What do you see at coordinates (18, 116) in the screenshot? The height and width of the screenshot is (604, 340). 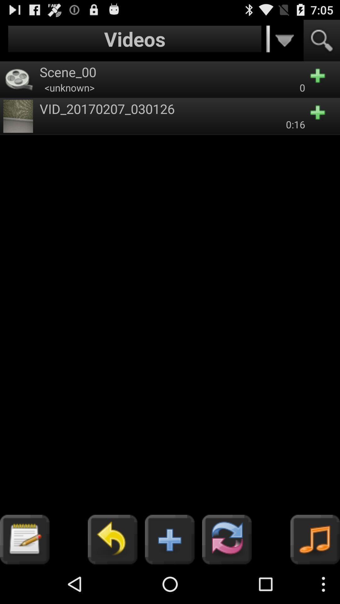 I see `the image left to vid20170207030126` at bounding box center [18, 116].